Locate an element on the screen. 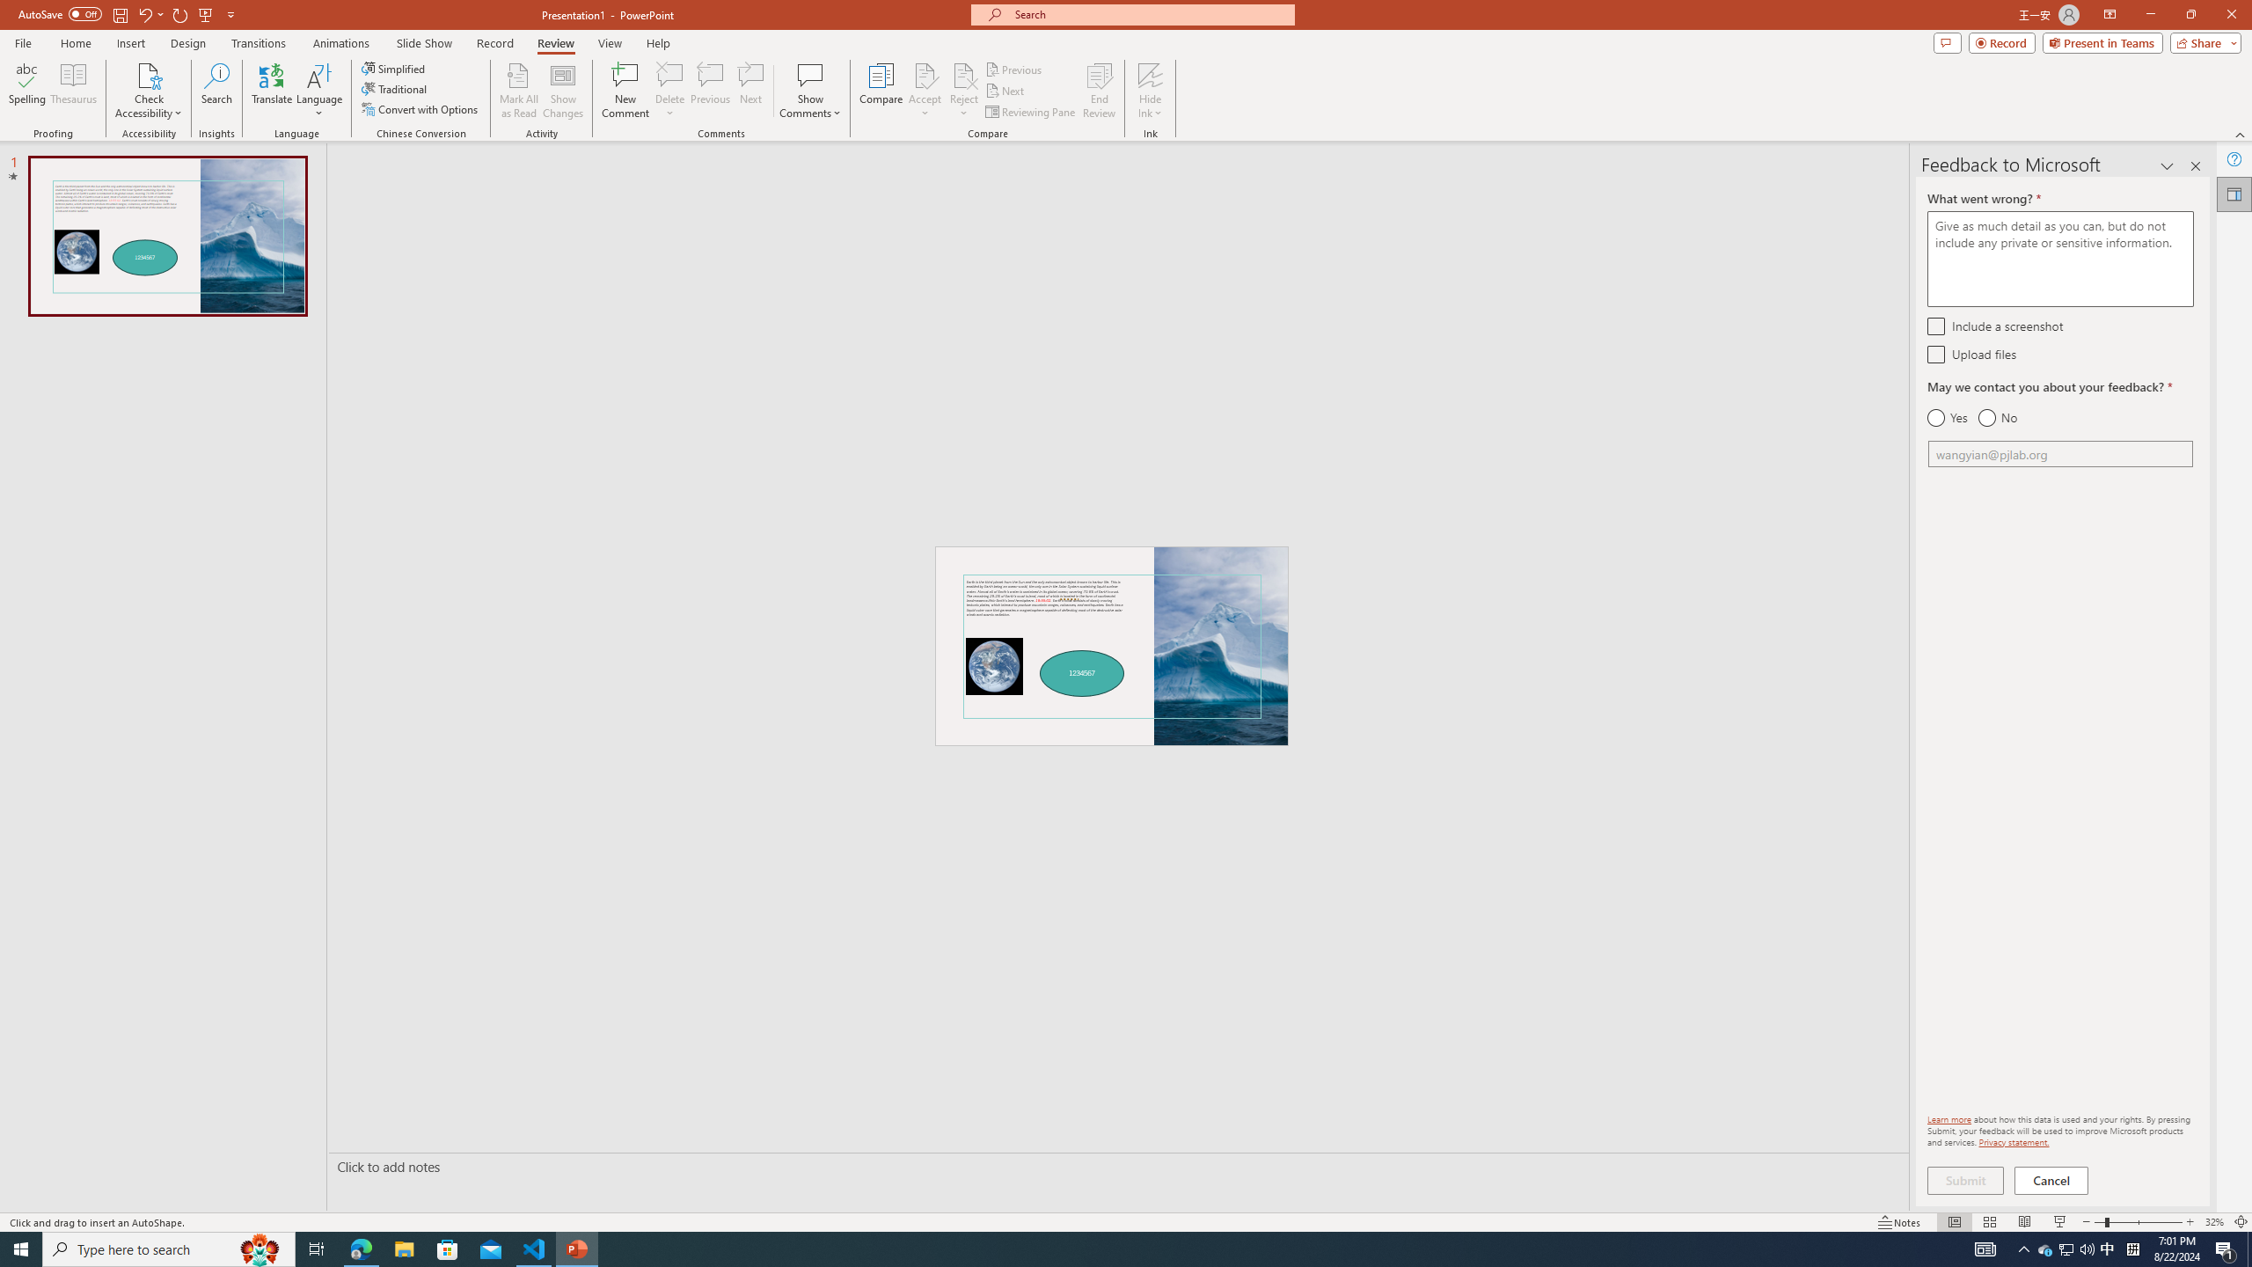  'Check Accessibility' is located at coordinates (147, 91).